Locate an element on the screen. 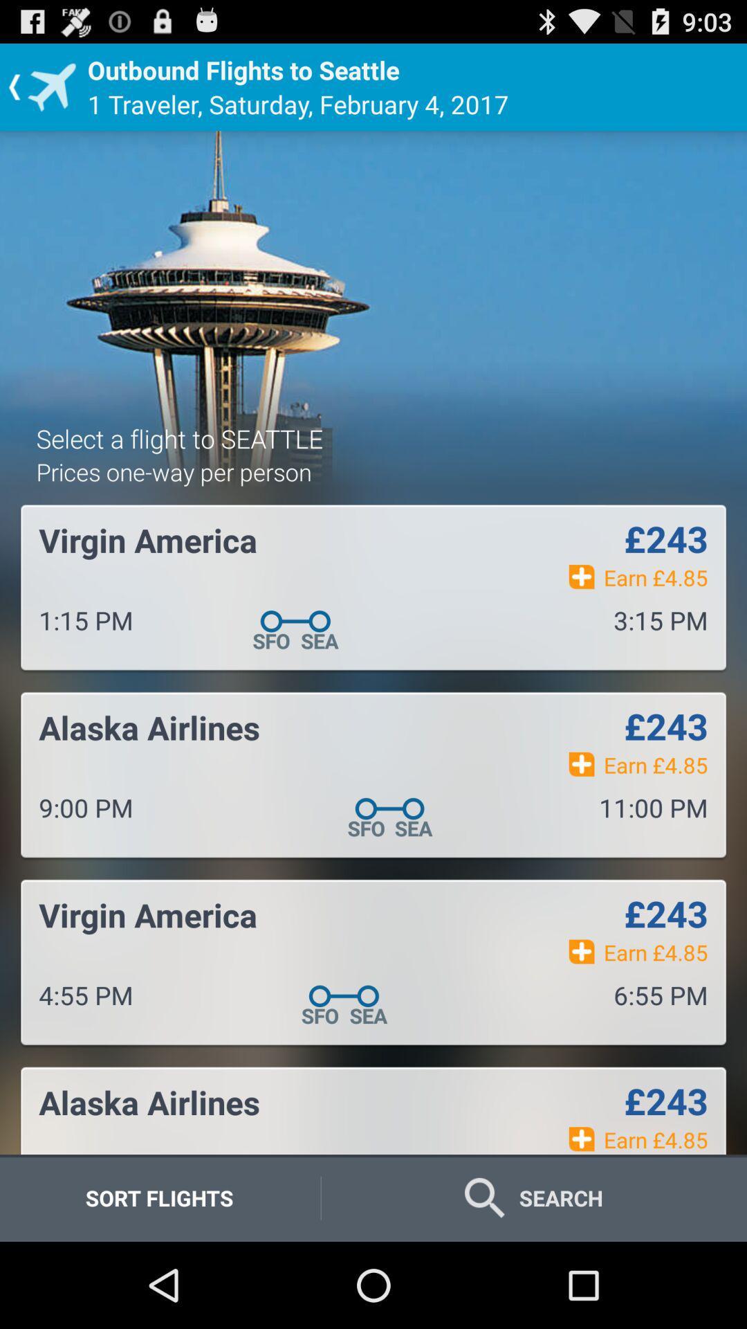 Image resolution: width=747 pixels, height=1329 pixels. icon below the select a flight is located at coordinates (173, 471).